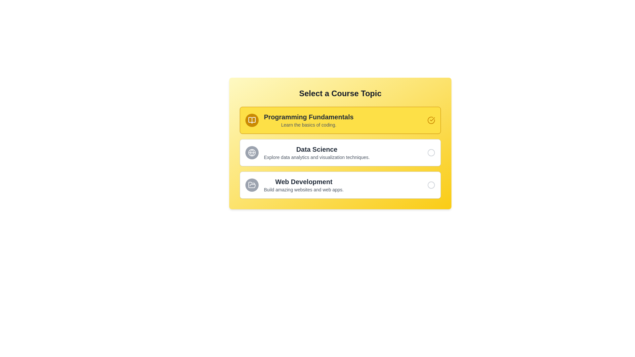 Image resolution: width=635 pixels, height=357 pixels. Describe the element at coordinates (316, 153) in the screenshot. I see `details of the selectable option for the course topic titled 'Data Science' located in the central text block of the interface, bordered by an icon on the left and a radio button on the right` at that location.